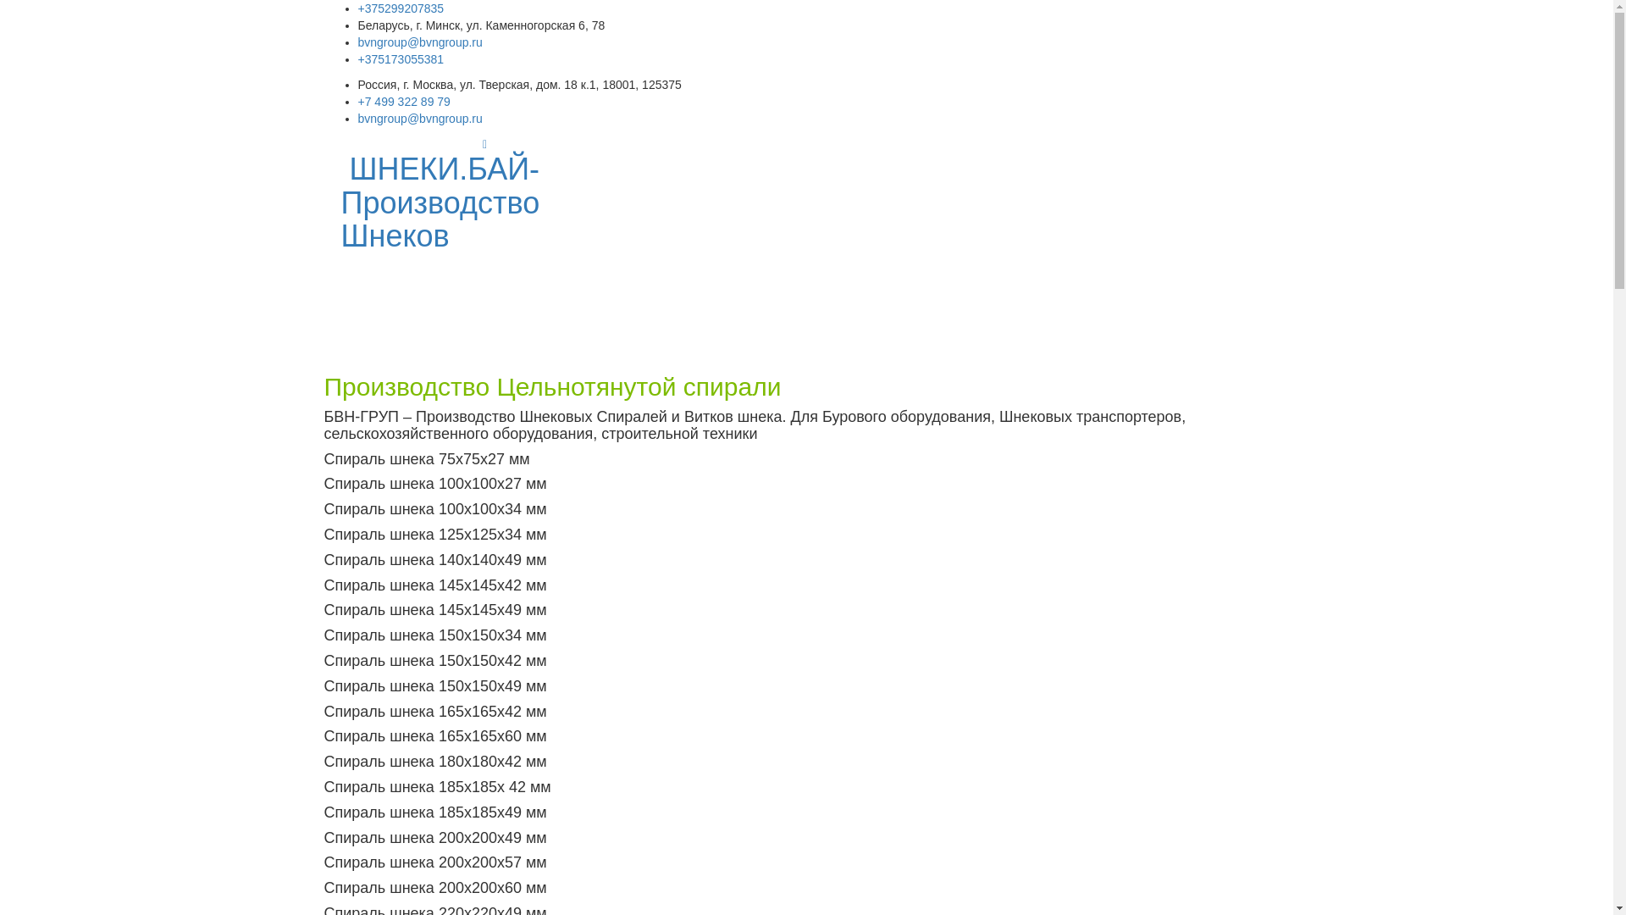  Describe the element at coordinates (419, 117) in the screenshot. I see `'bvngroup@bvngroup.ru'` at that location.